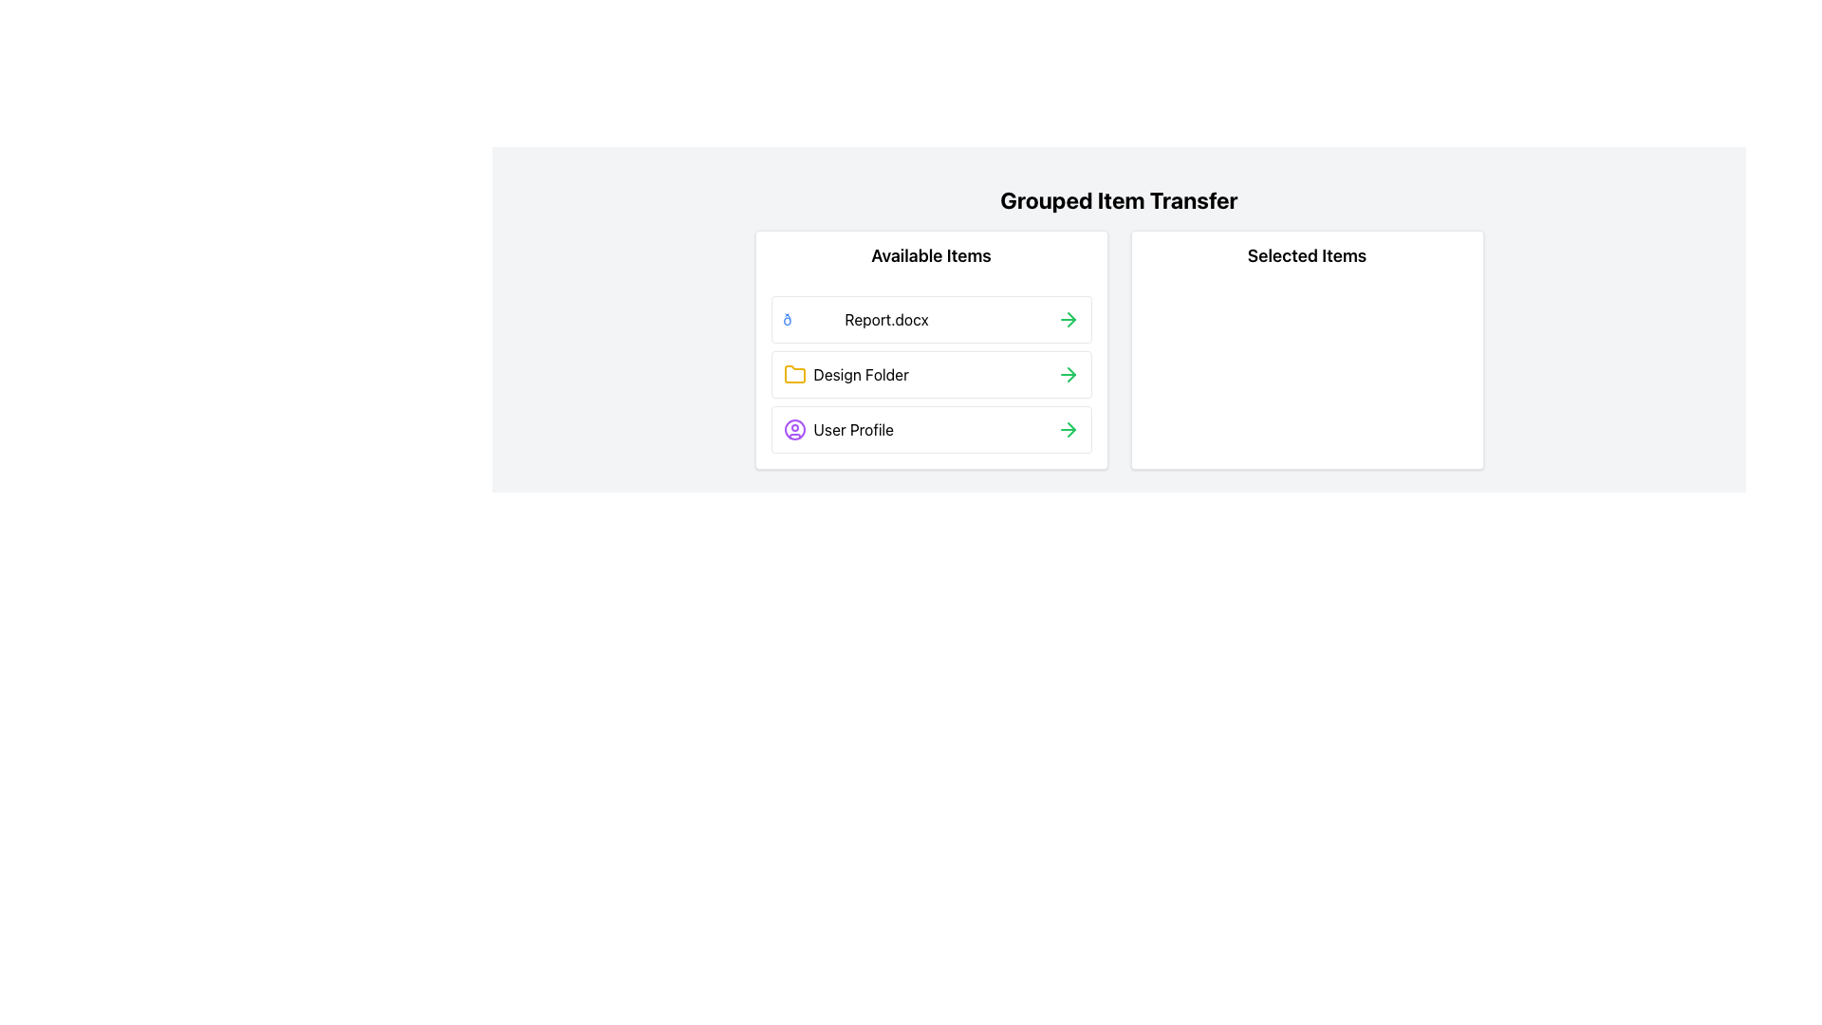 The image size is (1822, 1025). What do you see at coordinates (794, 374) in the screenshot?
I see `the yellow-colored folder icon representing the 'Design Folder' entry in the 'Available Items' panel, located between 'Report.docx' and 'User Profile'` at bounding box center [794, 374].